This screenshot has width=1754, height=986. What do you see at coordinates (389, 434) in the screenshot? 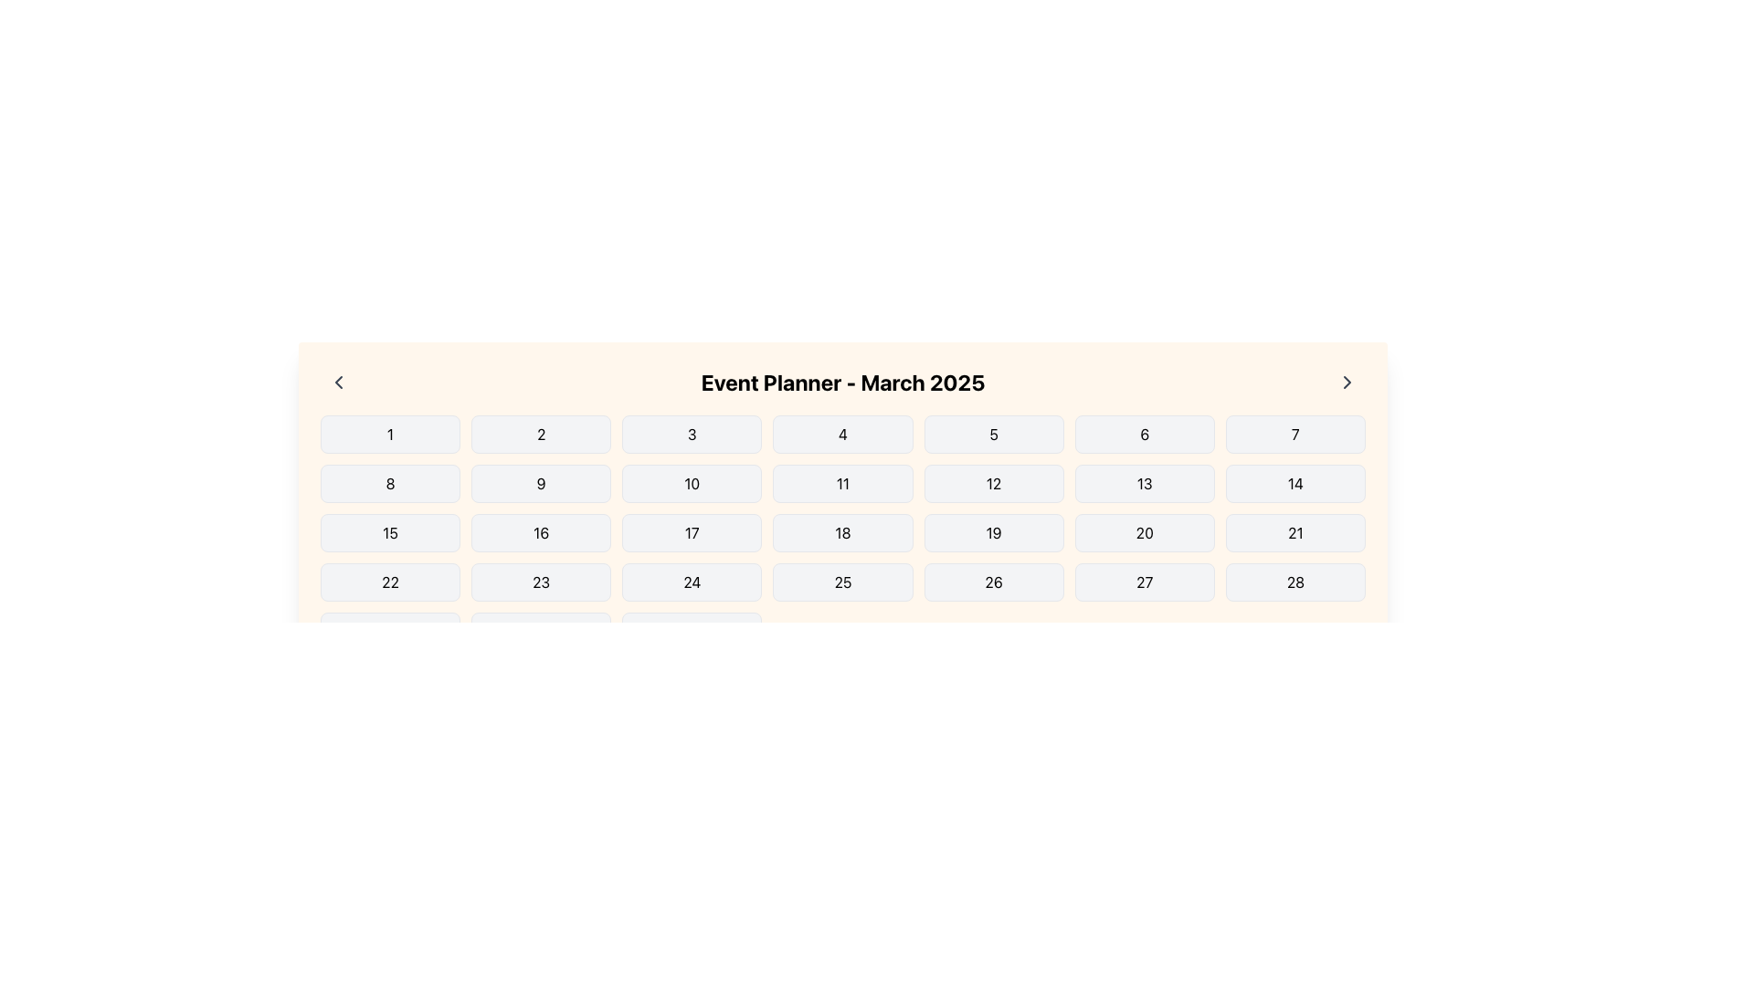
I see `the numeric text displaying '1' located in the first tile of the calendar grid` at bounding box center [389, 434].